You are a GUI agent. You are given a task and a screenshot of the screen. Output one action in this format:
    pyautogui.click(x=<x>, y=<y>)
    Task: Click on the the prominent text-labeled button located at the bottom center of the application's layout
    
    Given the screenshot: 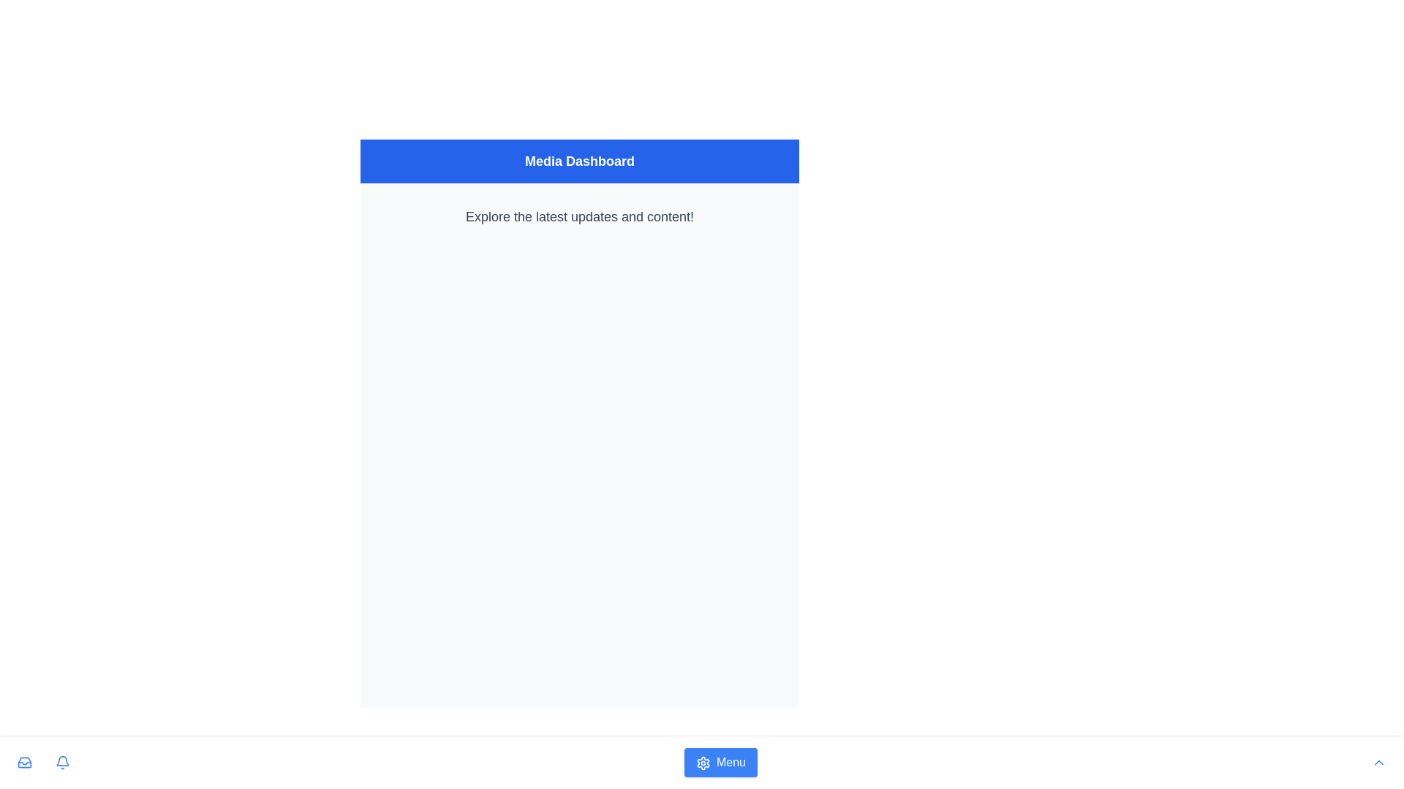 What is the action you would take?
    pyautogui.click(x=720, y=762)
    